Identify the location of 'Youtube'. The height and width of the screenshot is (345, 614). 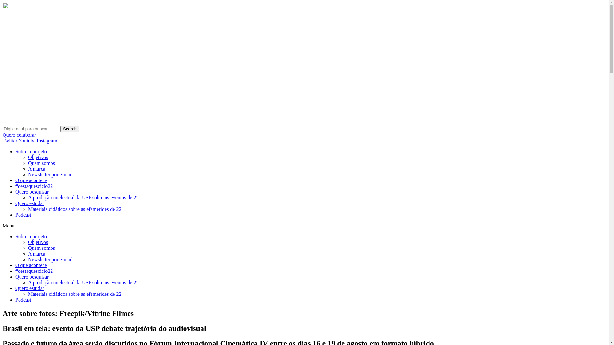
(27, 140).